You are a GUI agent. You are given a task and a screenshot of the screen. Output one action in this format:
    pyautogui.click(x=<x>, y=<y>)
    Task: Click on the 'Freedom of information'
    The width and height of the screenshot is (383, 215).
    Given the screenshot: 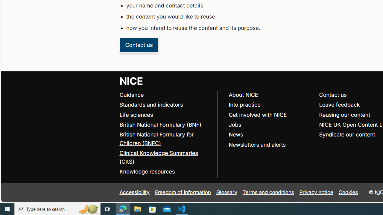 What is the action you would take?
    pyautogui.click(x=183, y=192)
    